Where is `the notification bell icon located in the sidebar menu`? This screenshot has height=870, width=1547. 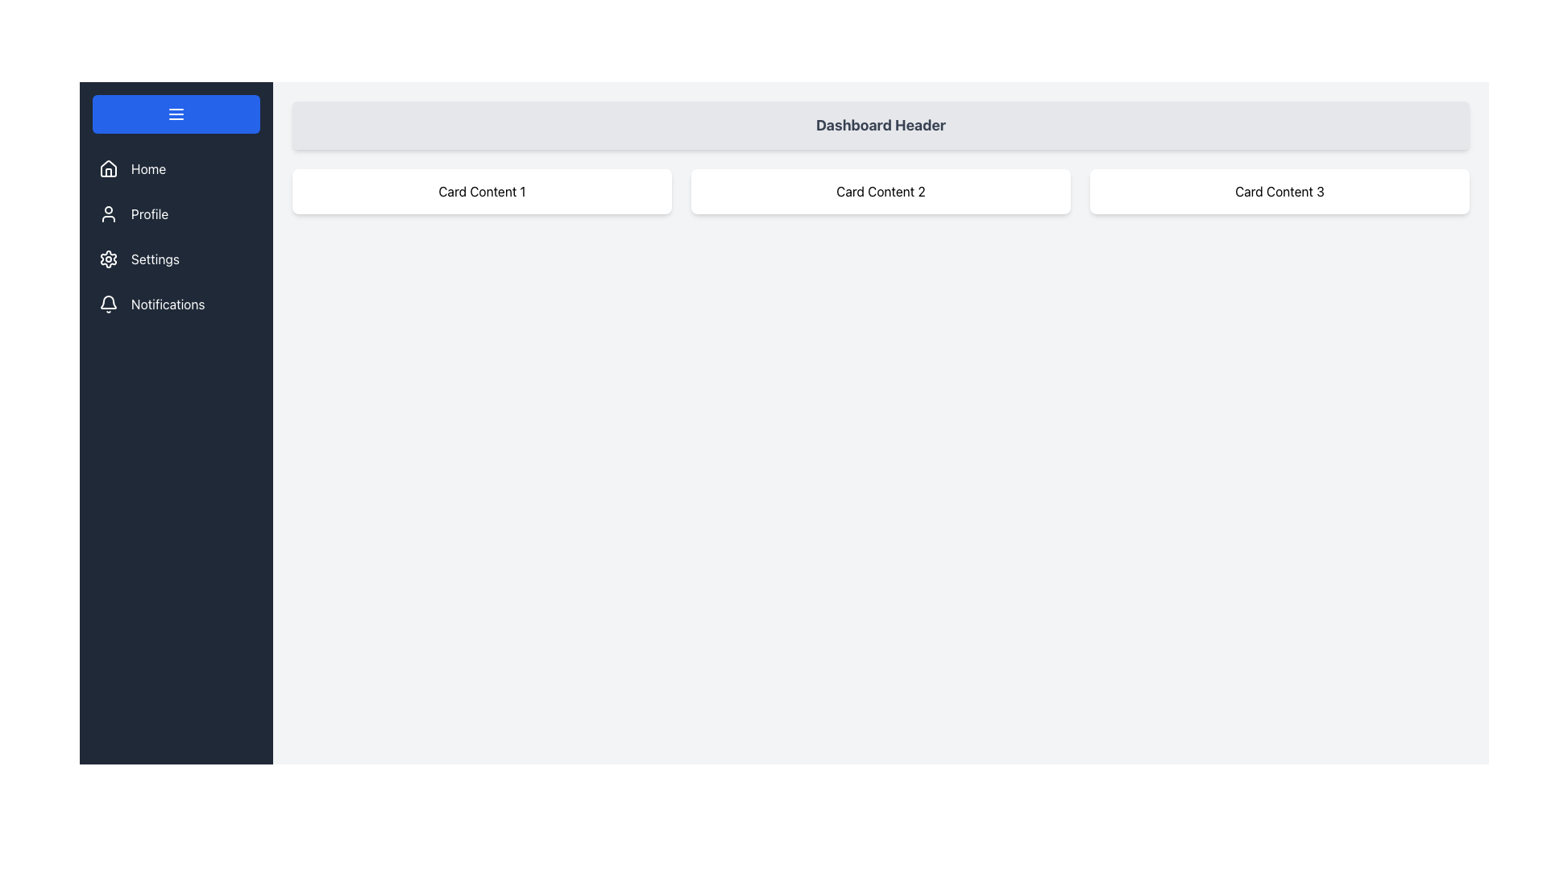
the notification bell icon located in the sidebar menu is located at coordinates (107, 304).